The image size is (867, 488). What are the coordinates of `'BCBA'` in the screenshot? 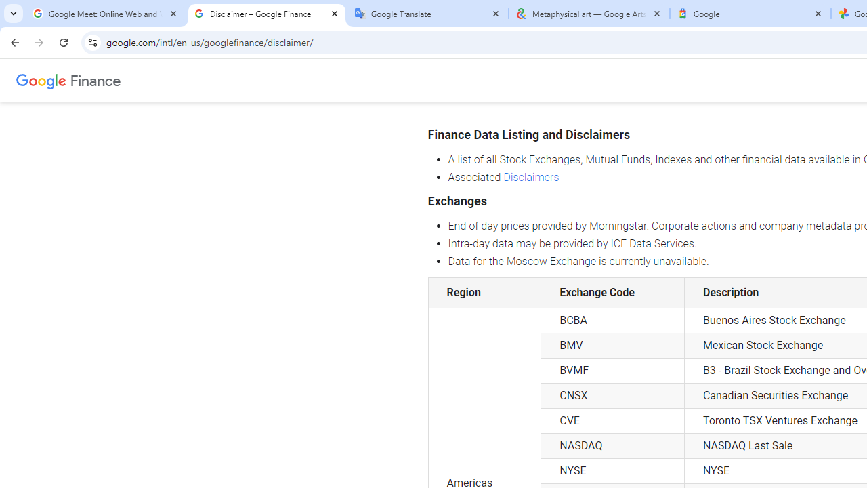 It's located at (612, 321).